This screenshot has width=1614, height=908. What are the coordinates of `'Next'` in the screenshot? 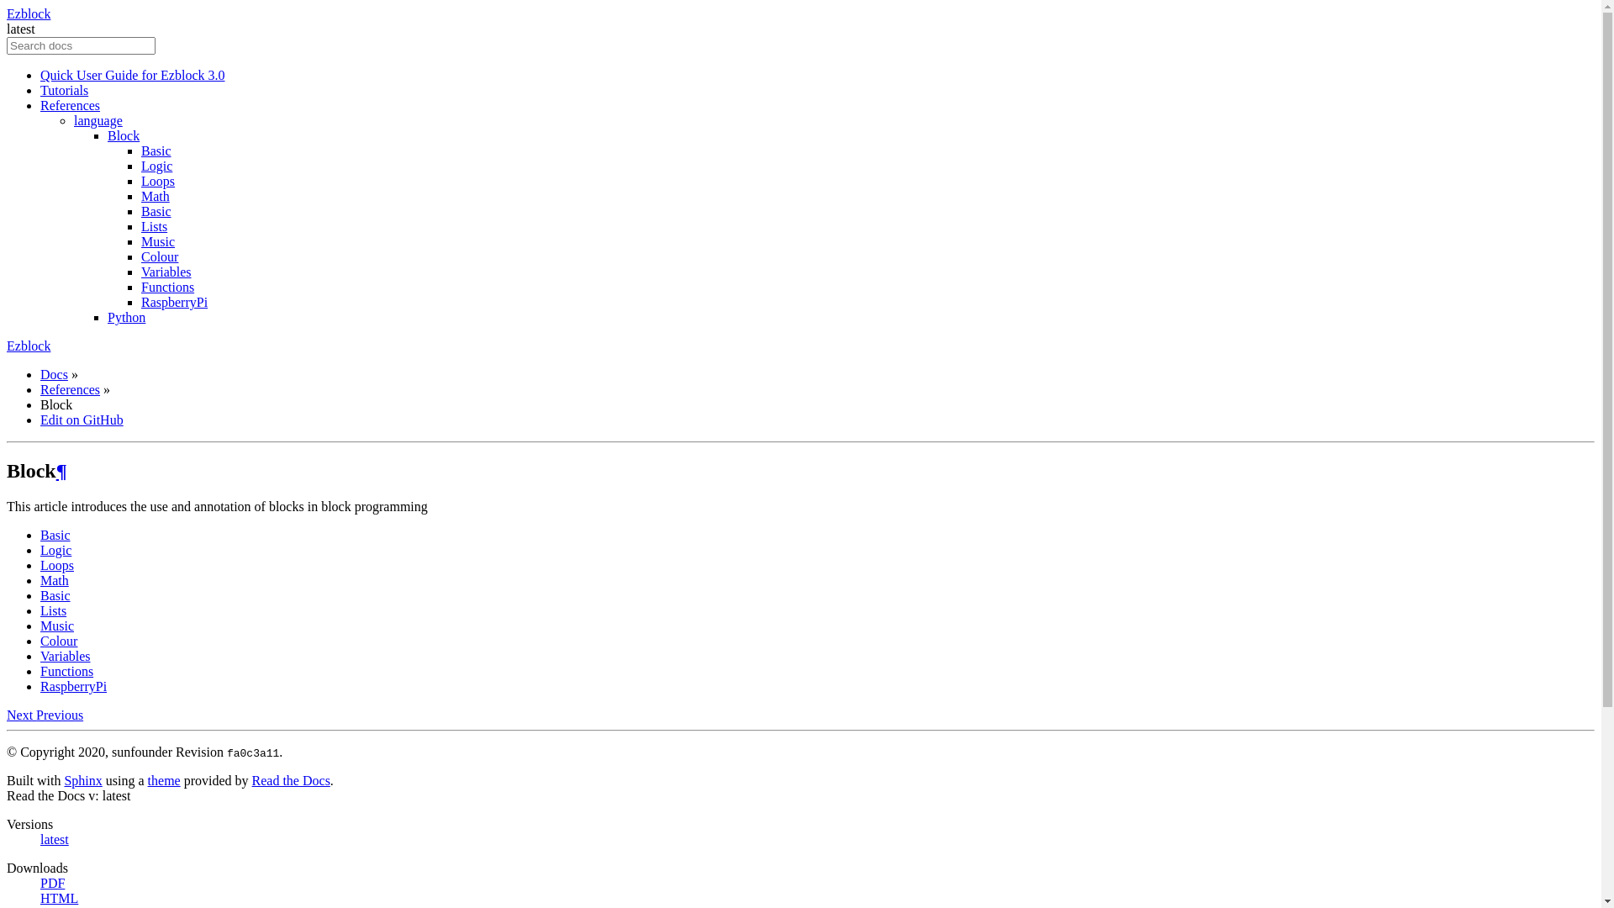 It's located at (21, 715).